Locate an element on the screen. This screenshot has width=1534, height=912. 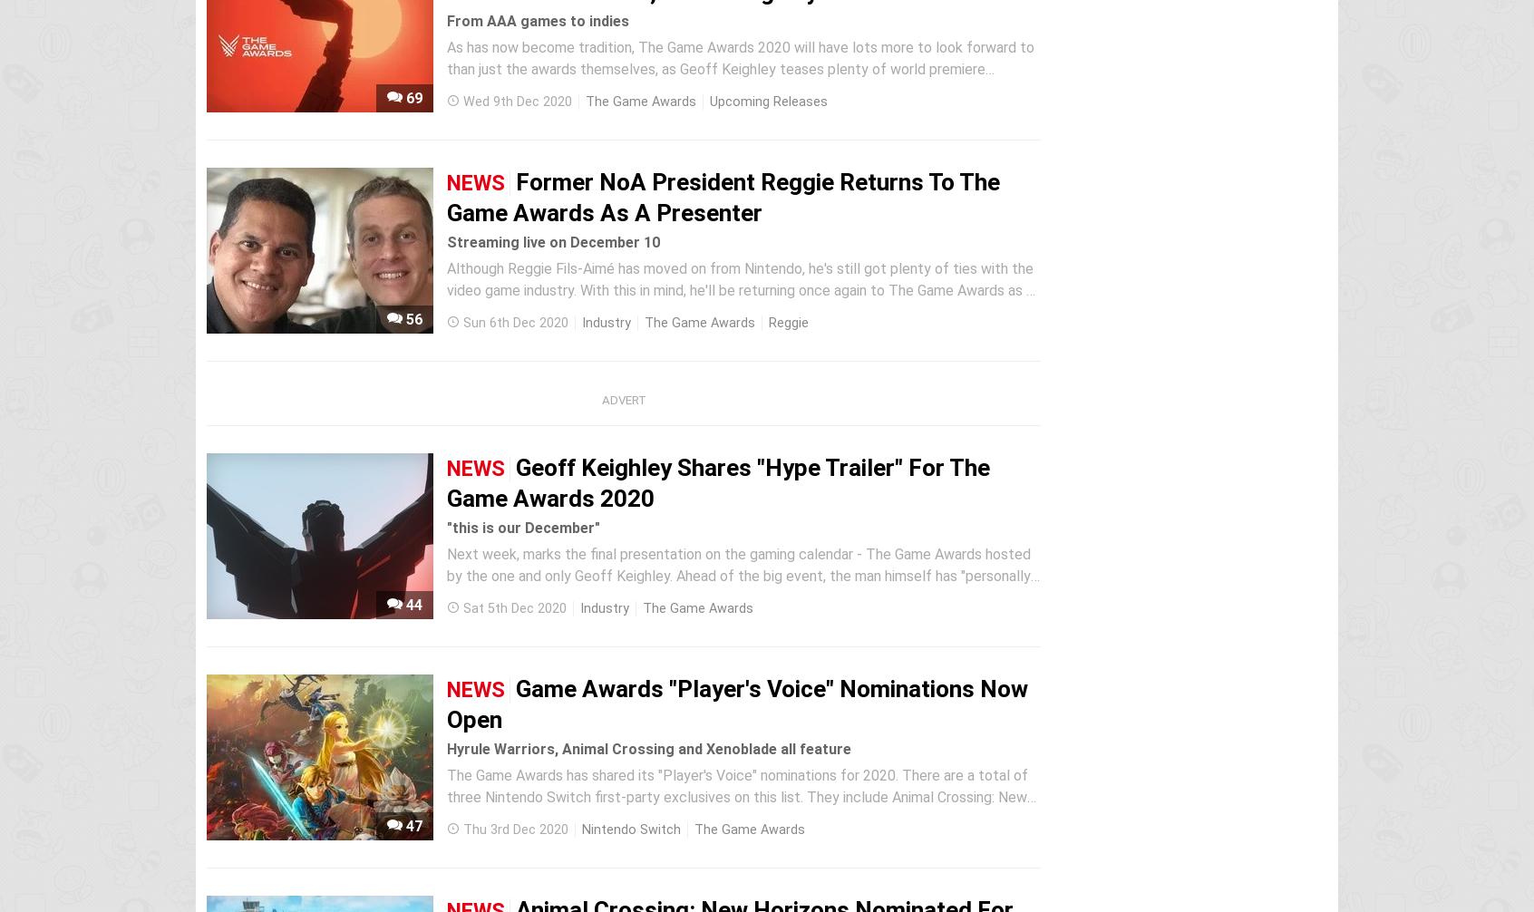
'Sun 6th Dec 2020' is located at coordinates (515, 322).